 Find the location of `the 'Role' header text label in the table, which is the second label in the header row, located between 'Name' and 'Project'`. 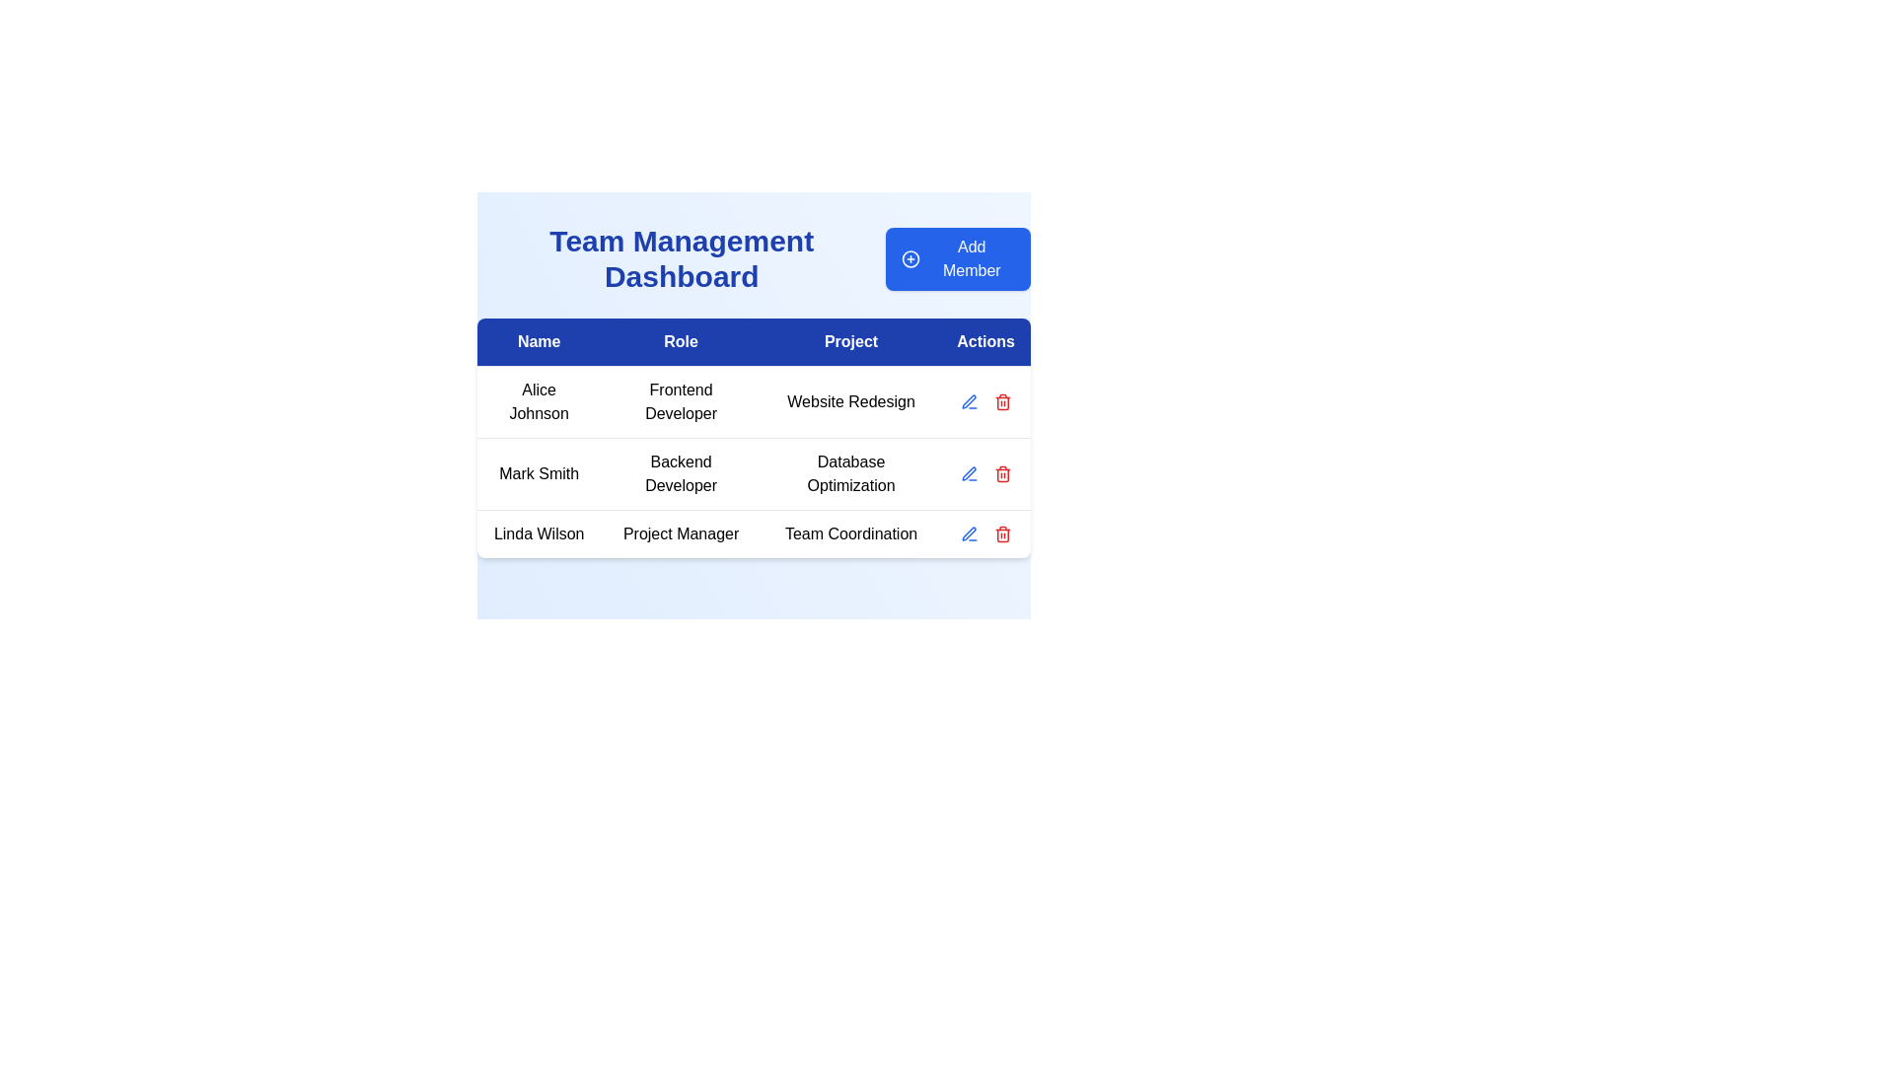

the 'Role' header text label in the table, which is the second label in the header row, located between 'Name' and 'Project' is located at coordinates (681, 341).